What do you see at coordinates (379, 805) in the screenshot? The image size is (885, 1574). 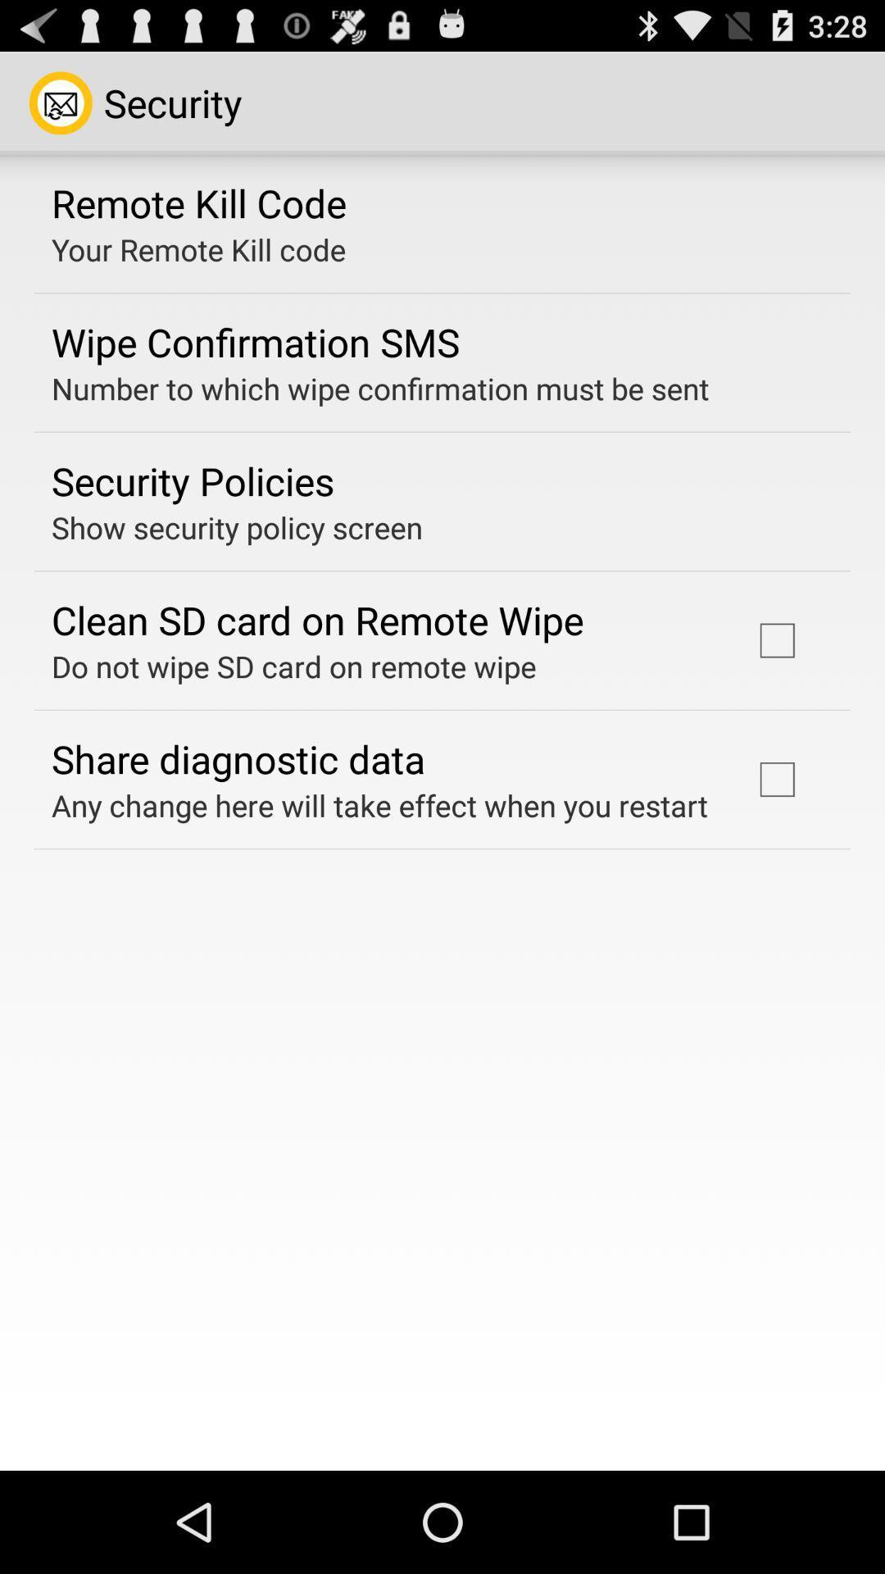 I see `any change here icon` at bounding box center [379, 805].